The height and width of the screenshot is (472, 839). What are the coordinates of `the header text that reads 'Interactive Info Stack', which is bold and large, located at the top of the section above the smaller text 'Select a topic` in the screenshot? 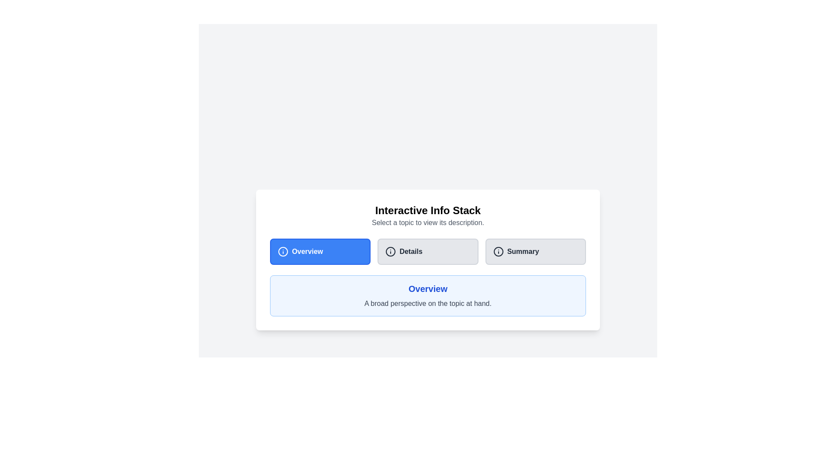 It's located at (428, 211).